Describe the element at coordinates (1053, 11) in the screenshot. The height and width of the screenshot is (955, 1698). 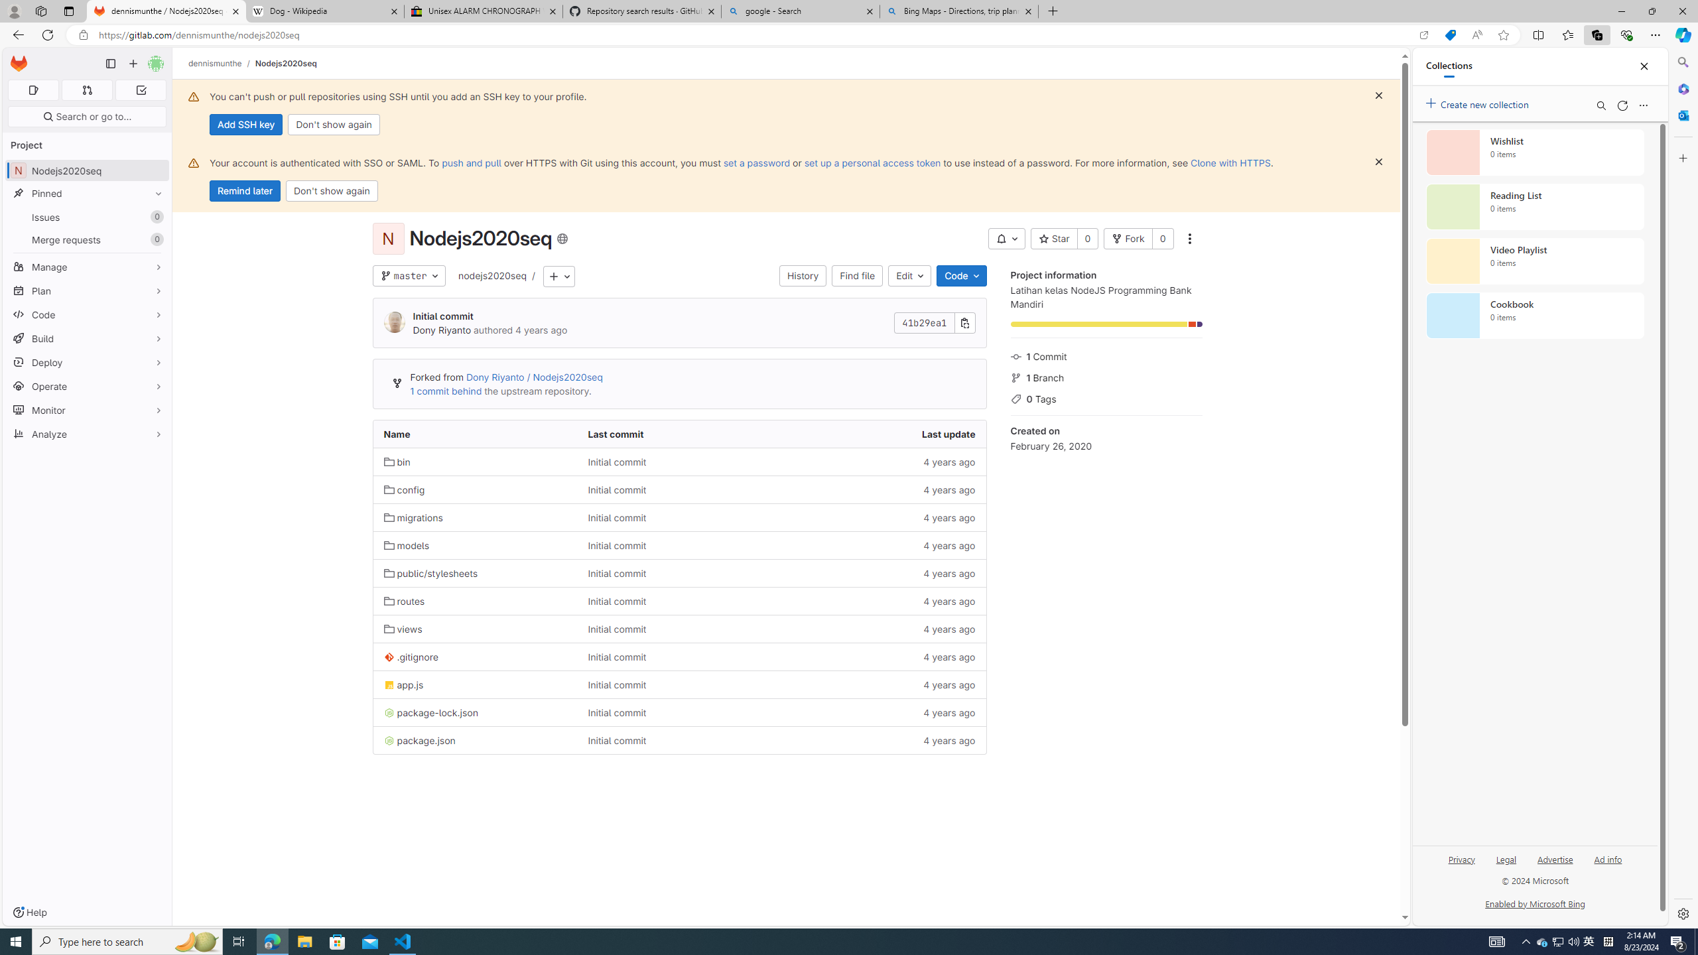
I see `'New Tab'` at that location.